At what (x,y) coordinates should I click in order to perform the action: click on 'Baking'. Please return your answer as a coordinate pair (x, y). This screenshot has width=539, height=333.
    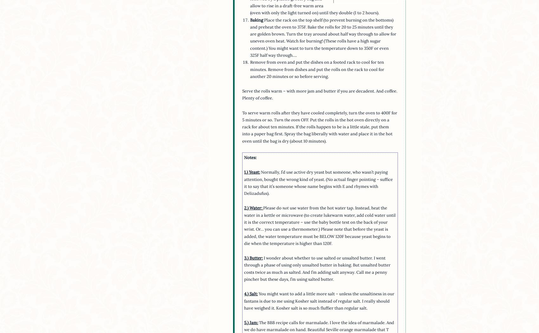
    Looking at the image, I should click on (256, 19).